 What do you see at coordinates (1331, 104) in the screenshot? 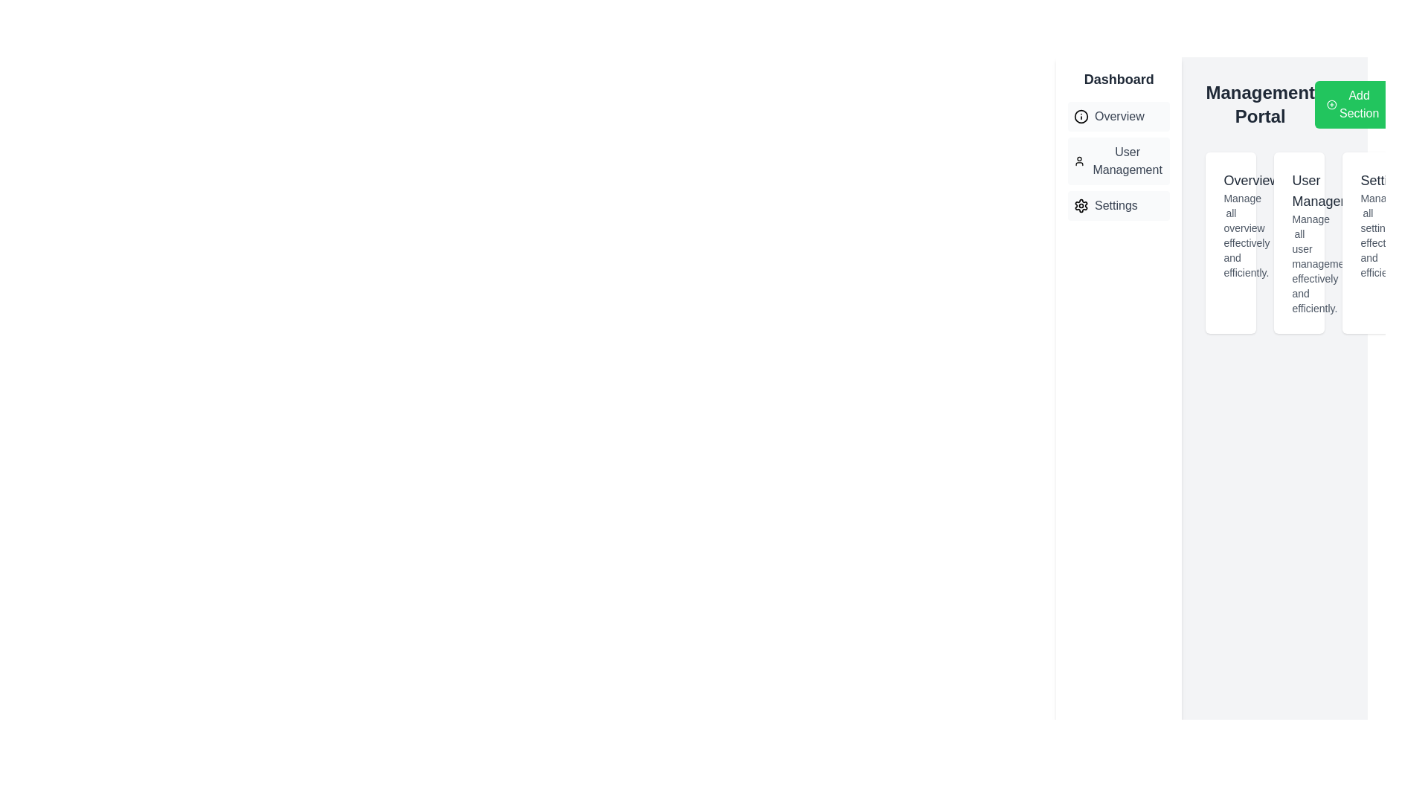
I see `the 'Add Section' icon, which is a visual indicator within a compact green rectangle located in the upper right corner of the 'Management Portal' panel` at bounding box center [1331, 104].